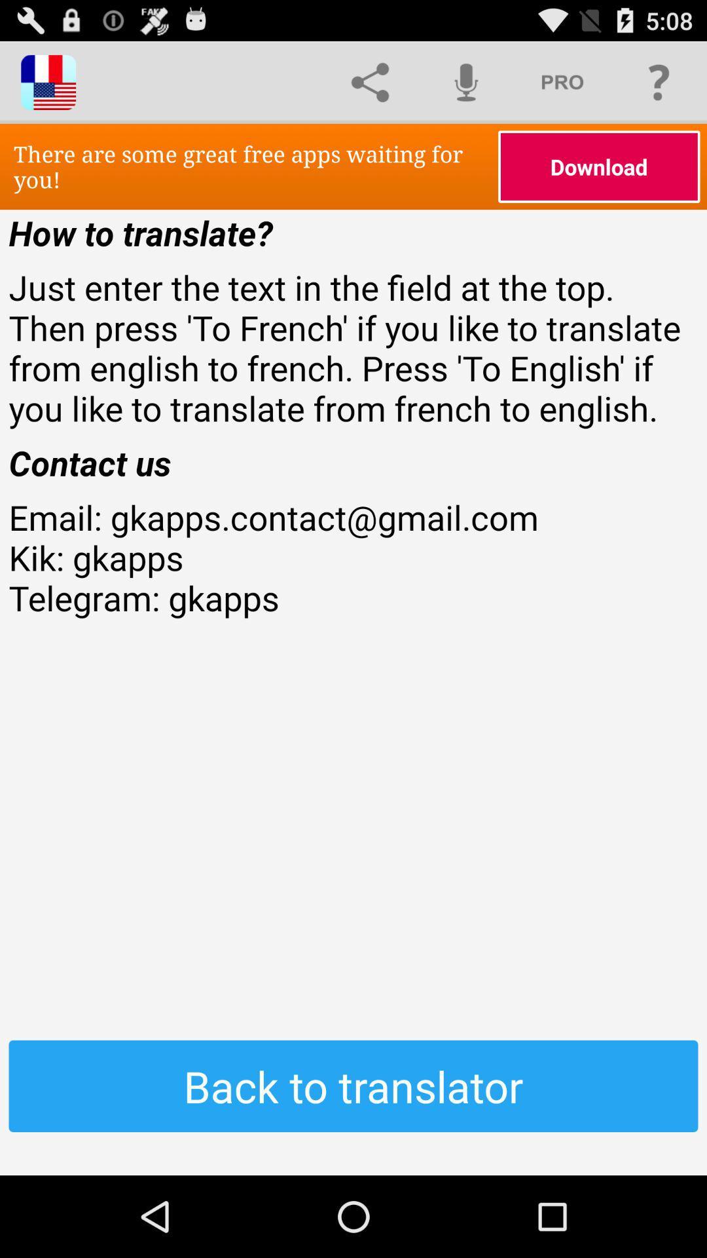 The image size is (707, 1258). What do you see at coordinates (353, 347) in the screenshot?
I see `just enter the app` at bounding box center [353, 347].